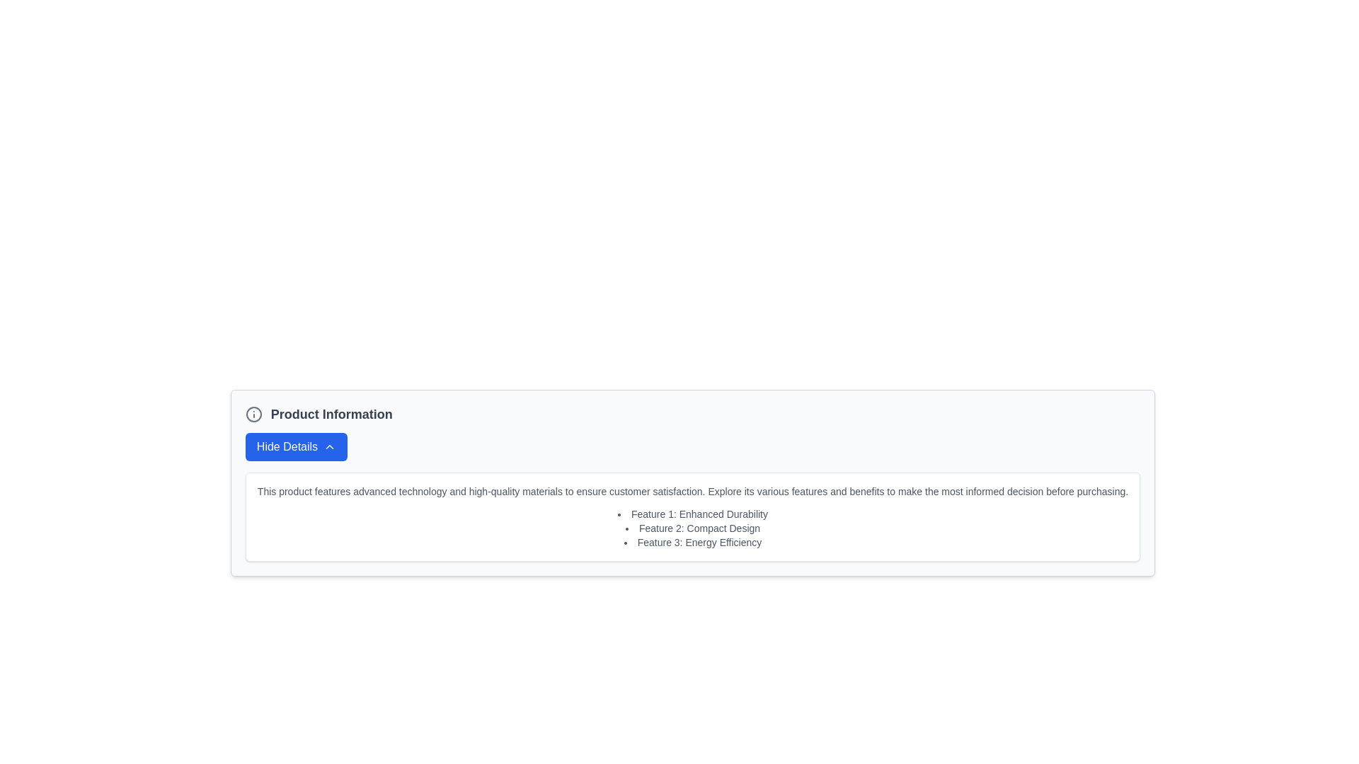  Describe the element at coordinates (693, 528) in the screenshot. I see `text of the second item in the bulleted list of product features located in the 'Product Information' section, which provides detailed information about a specific feature of the product` at that location.